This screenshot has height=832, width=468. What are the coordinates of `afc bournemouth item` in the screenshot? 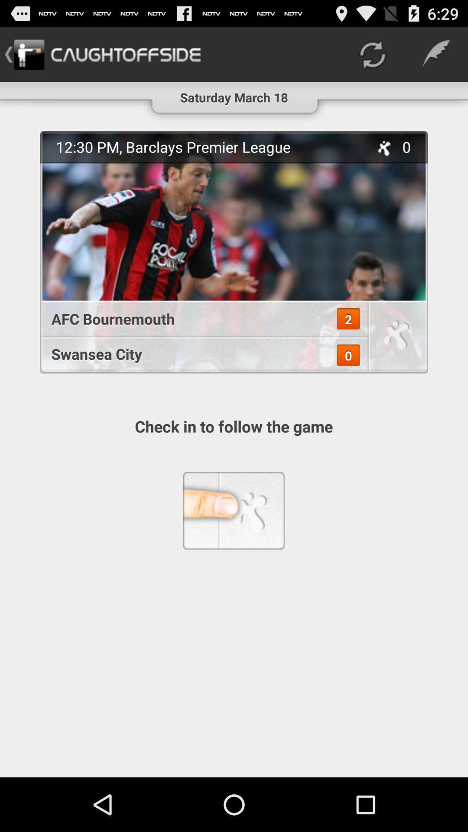 It's located at (199, 318).